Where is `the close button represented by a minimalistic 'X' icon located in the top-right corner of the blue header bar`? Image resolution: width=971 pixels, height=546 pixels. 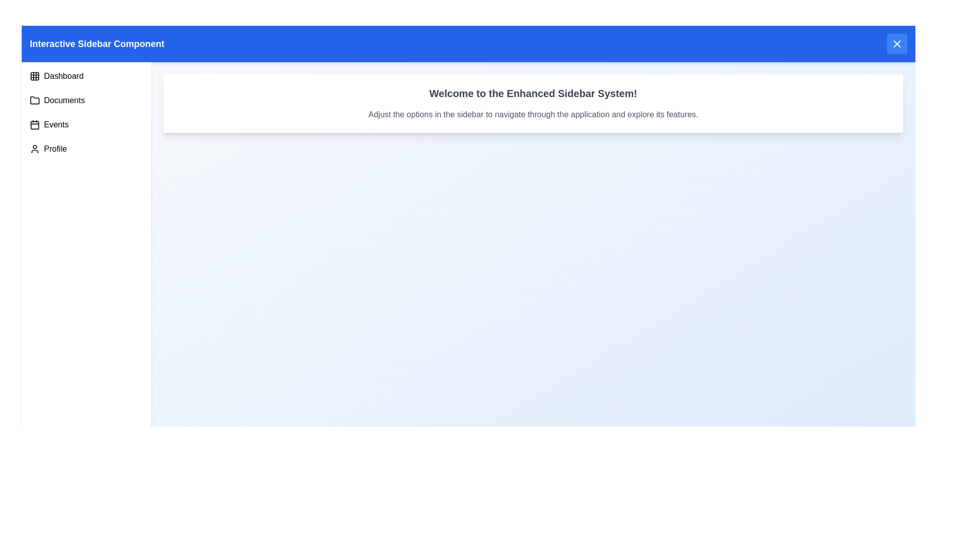 the close button represented by a minimalistic 'X' icon located in the top-right corner of the blue header bar is located at coordinates (897, 43).